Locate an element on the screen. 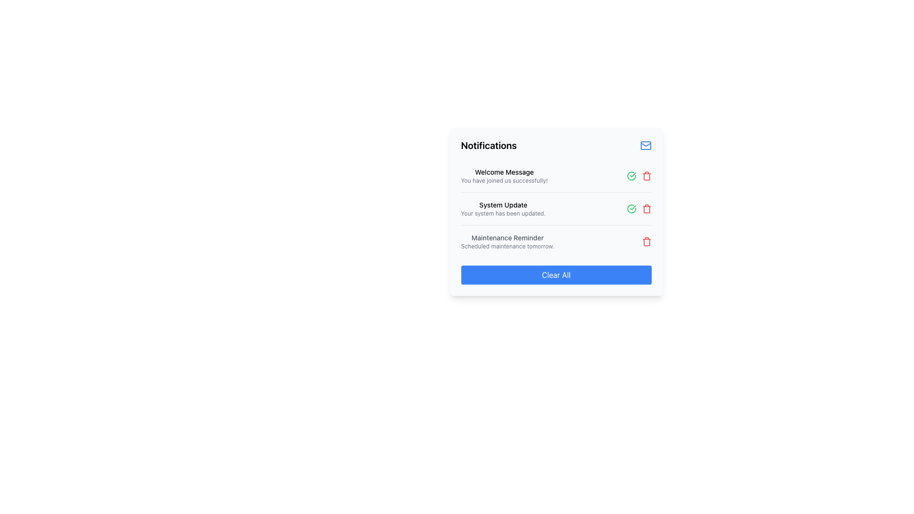  the clear notifications button located at the bottom center of the notification panel is located at coordinates (556, 275).